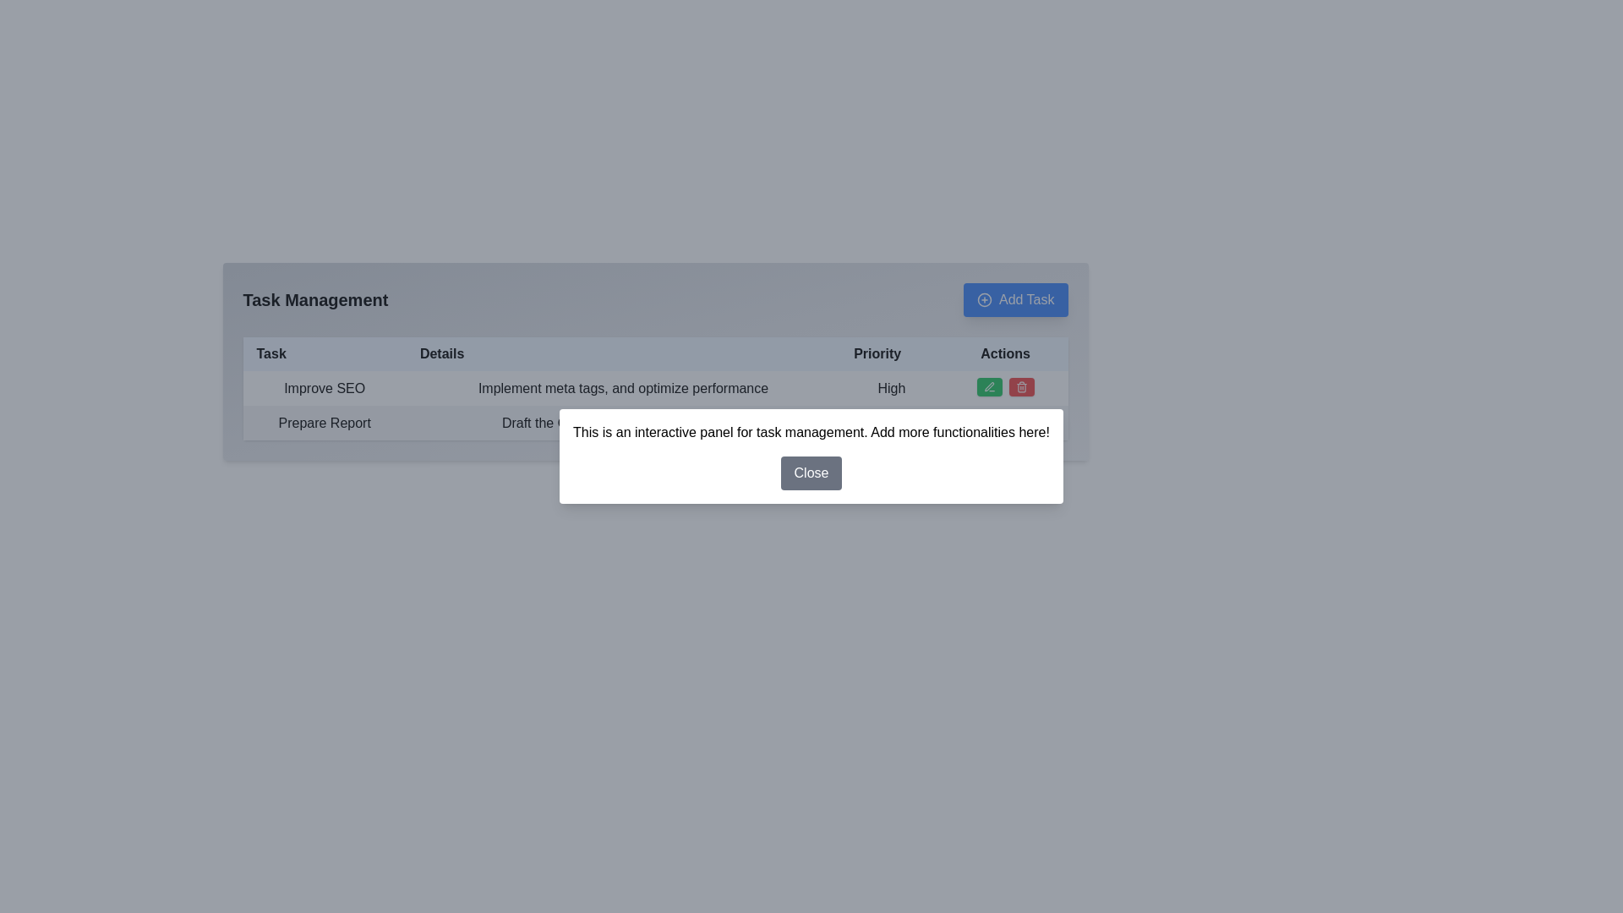  What do you see at coordinates (325, 422) in the screenshot?
I see `the static text element representing a task in the first column of the task management table, located in the second row` at bounding box center [325, 422].